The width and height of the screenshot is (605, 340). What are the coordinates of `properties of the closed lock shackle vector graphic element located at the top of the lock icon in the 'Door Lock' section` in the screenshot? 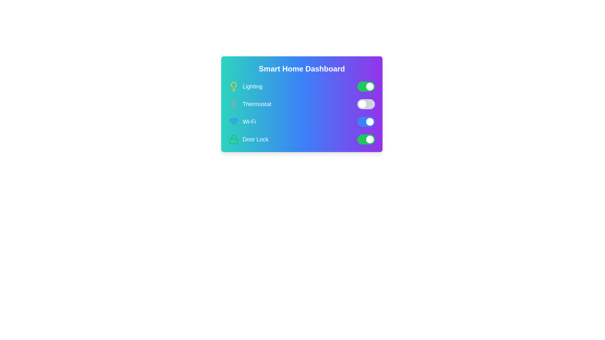 It's located at (233, 137).